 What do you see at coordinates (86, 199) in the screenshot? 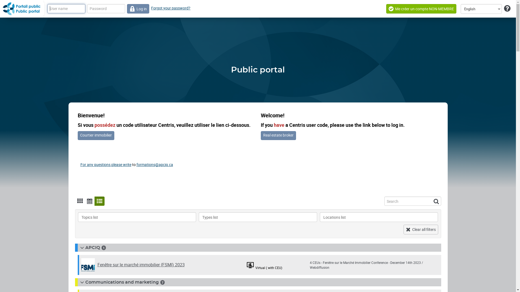
I see `'Display calendar'` at bounding box center [86, 199].